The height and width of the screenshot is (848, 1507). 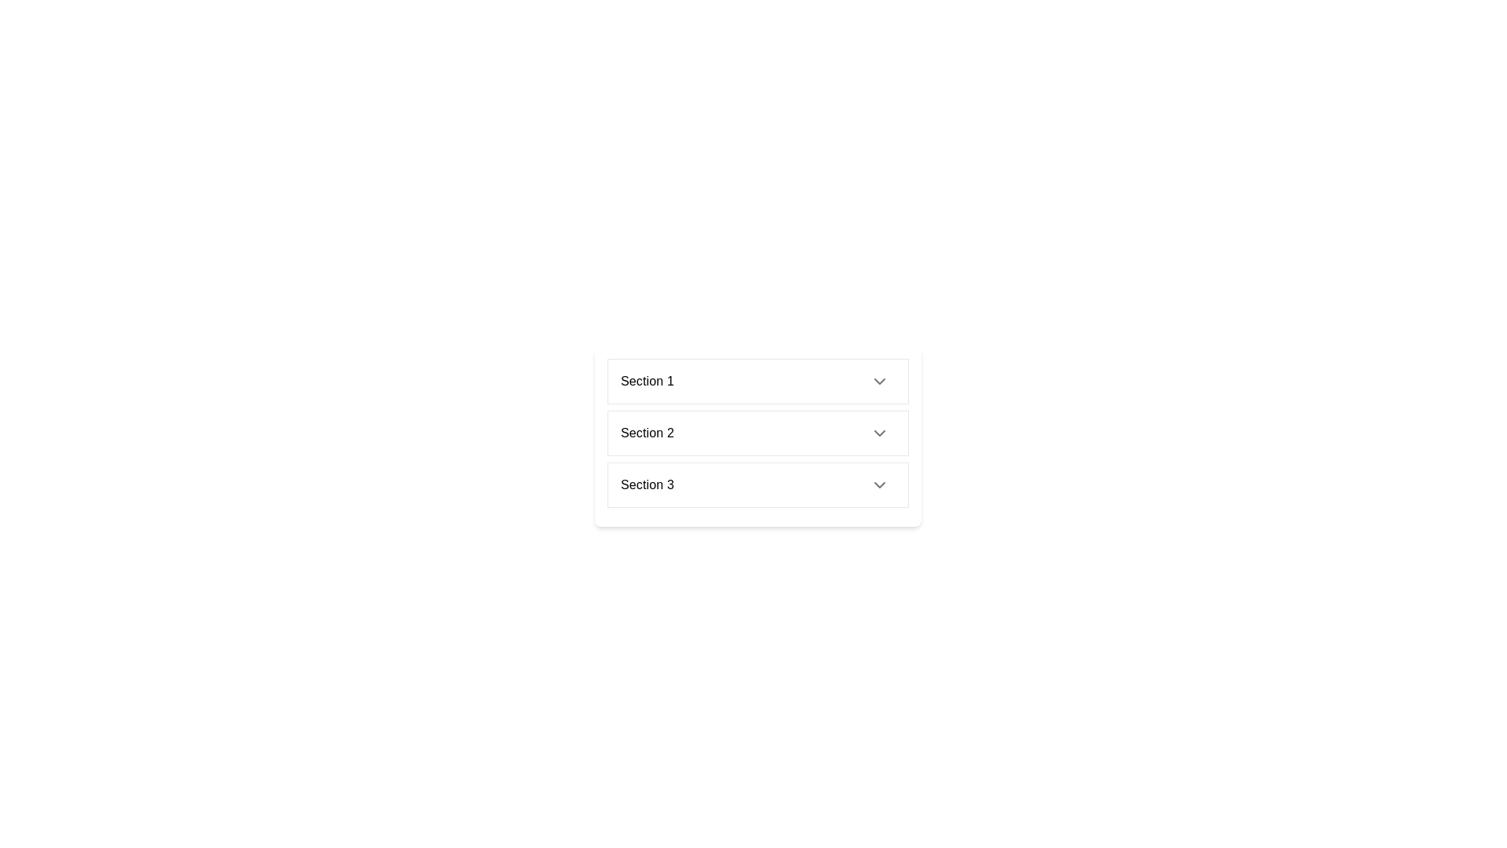 What do you see at coordinates (880, 484) in the screenshot?
I see `the downward-pointing chevron icon within the button located at the right side of the 'Section 3' row` at bounding box center [880, 484].